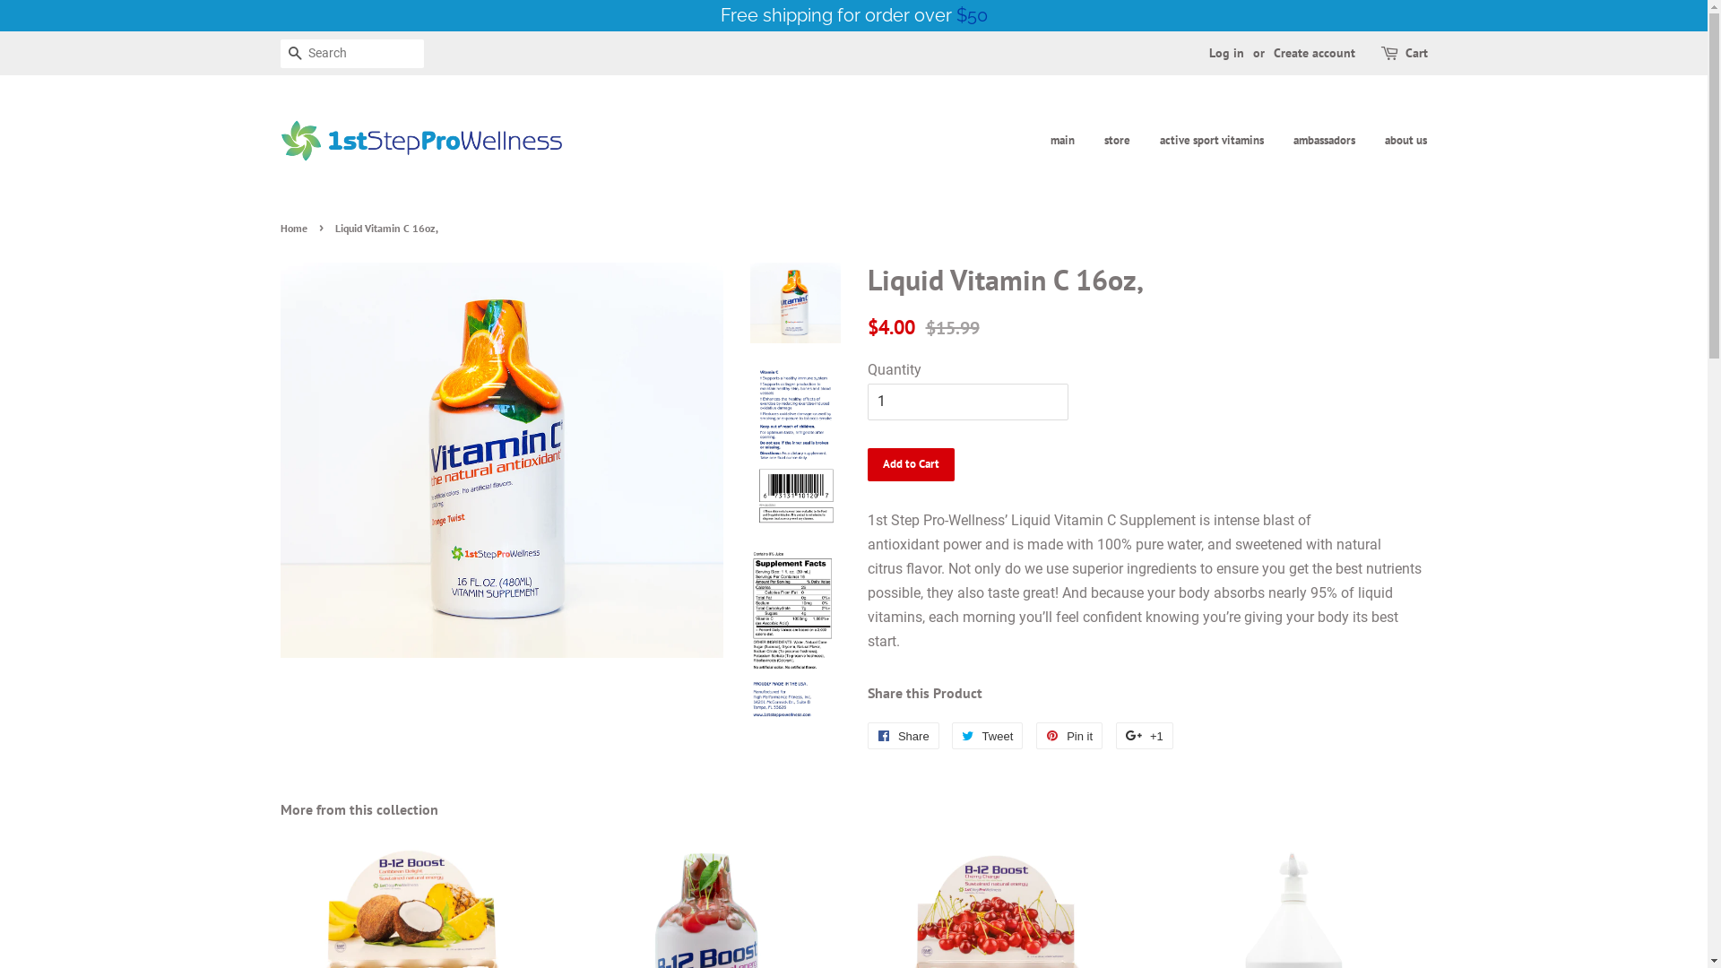 Image resolution: width=1721 pixels, height=968 pixels. I want to click on 'Add to Cart', so click(911, 462).